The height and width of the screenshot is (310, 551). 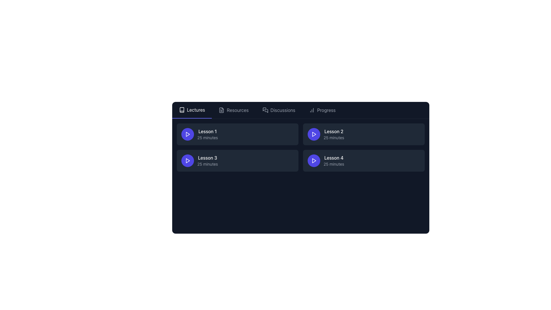 What do you see at coordinates (334, 134) in the screenshot?
I see `the text block element displaying 'Lesson 2' and '25 minutes' located in the second upper-right card of the lesson grid to interact with the lesson` at bounding box center [334, 134].